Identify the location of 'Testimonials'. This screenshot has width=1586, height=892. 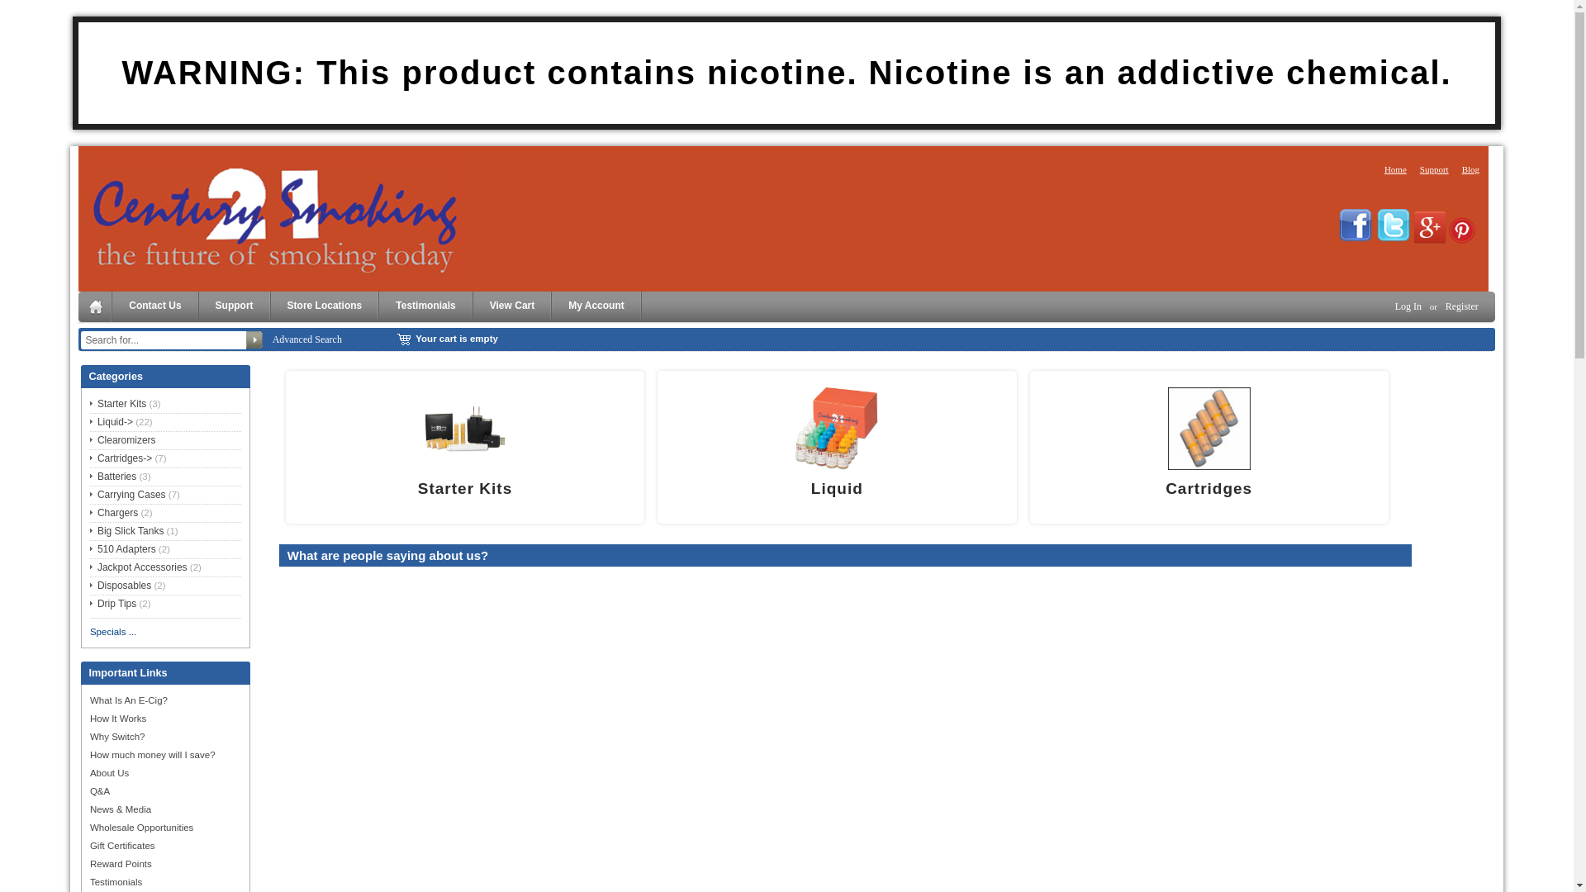
(425, 306).